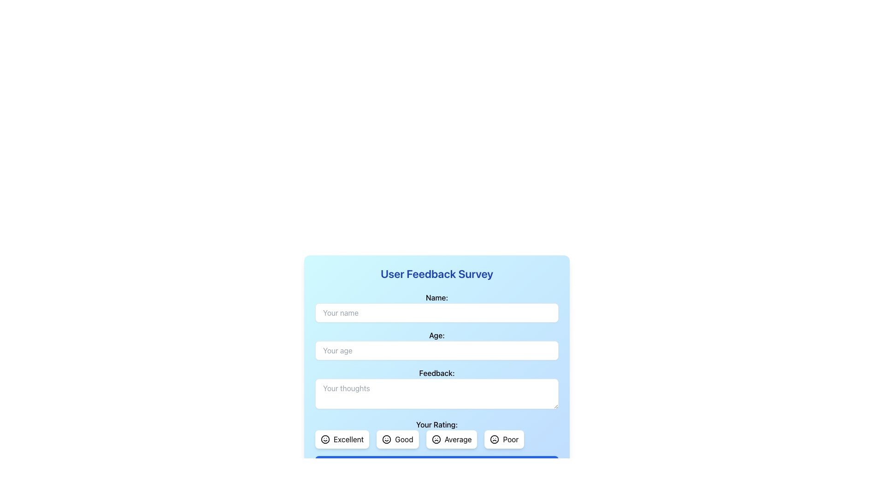 This screenshot has height=497, width=885. Describe the element at coordinates (510, 439) in the screenshot. I see `the 'Poor' feedback rating button` at that location.